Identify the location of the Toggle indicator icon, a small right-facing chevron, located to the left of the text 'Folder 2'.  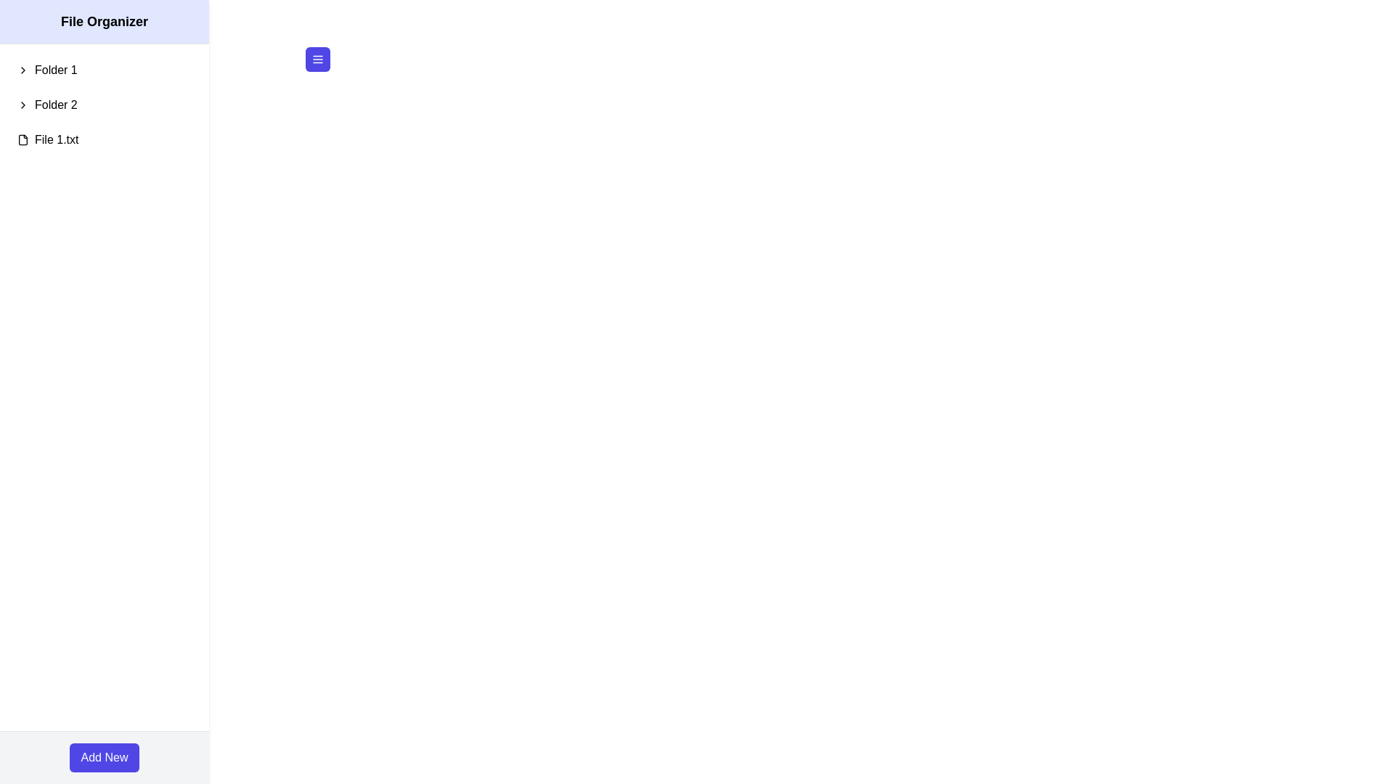
(23, 105).